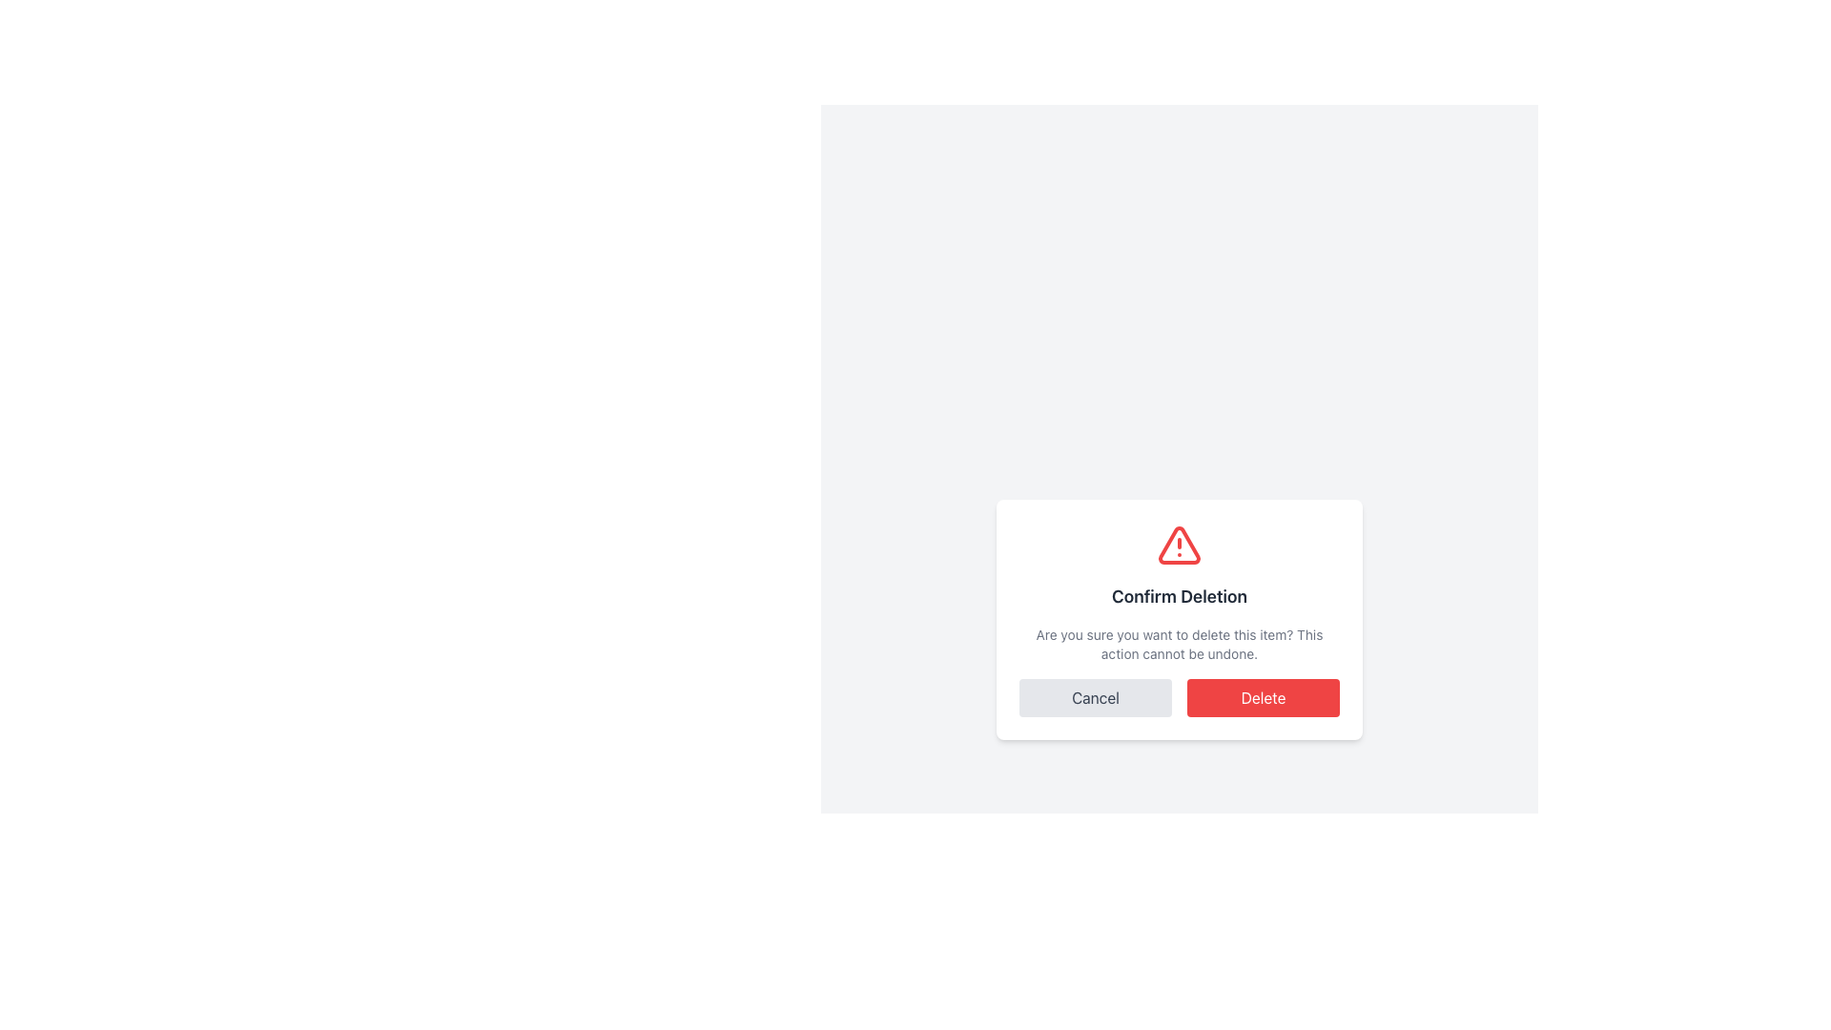  What do you see at coordinates (1263, 698) in the screenshot?
I see `the red 'Delete' button located` at bounding box center [1263, 698].